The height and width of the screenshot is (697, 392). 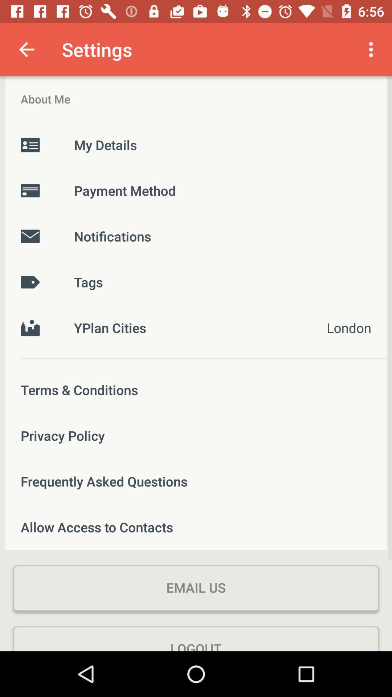 I want to click on the privacy policy icon, so click(x=196, y=436).